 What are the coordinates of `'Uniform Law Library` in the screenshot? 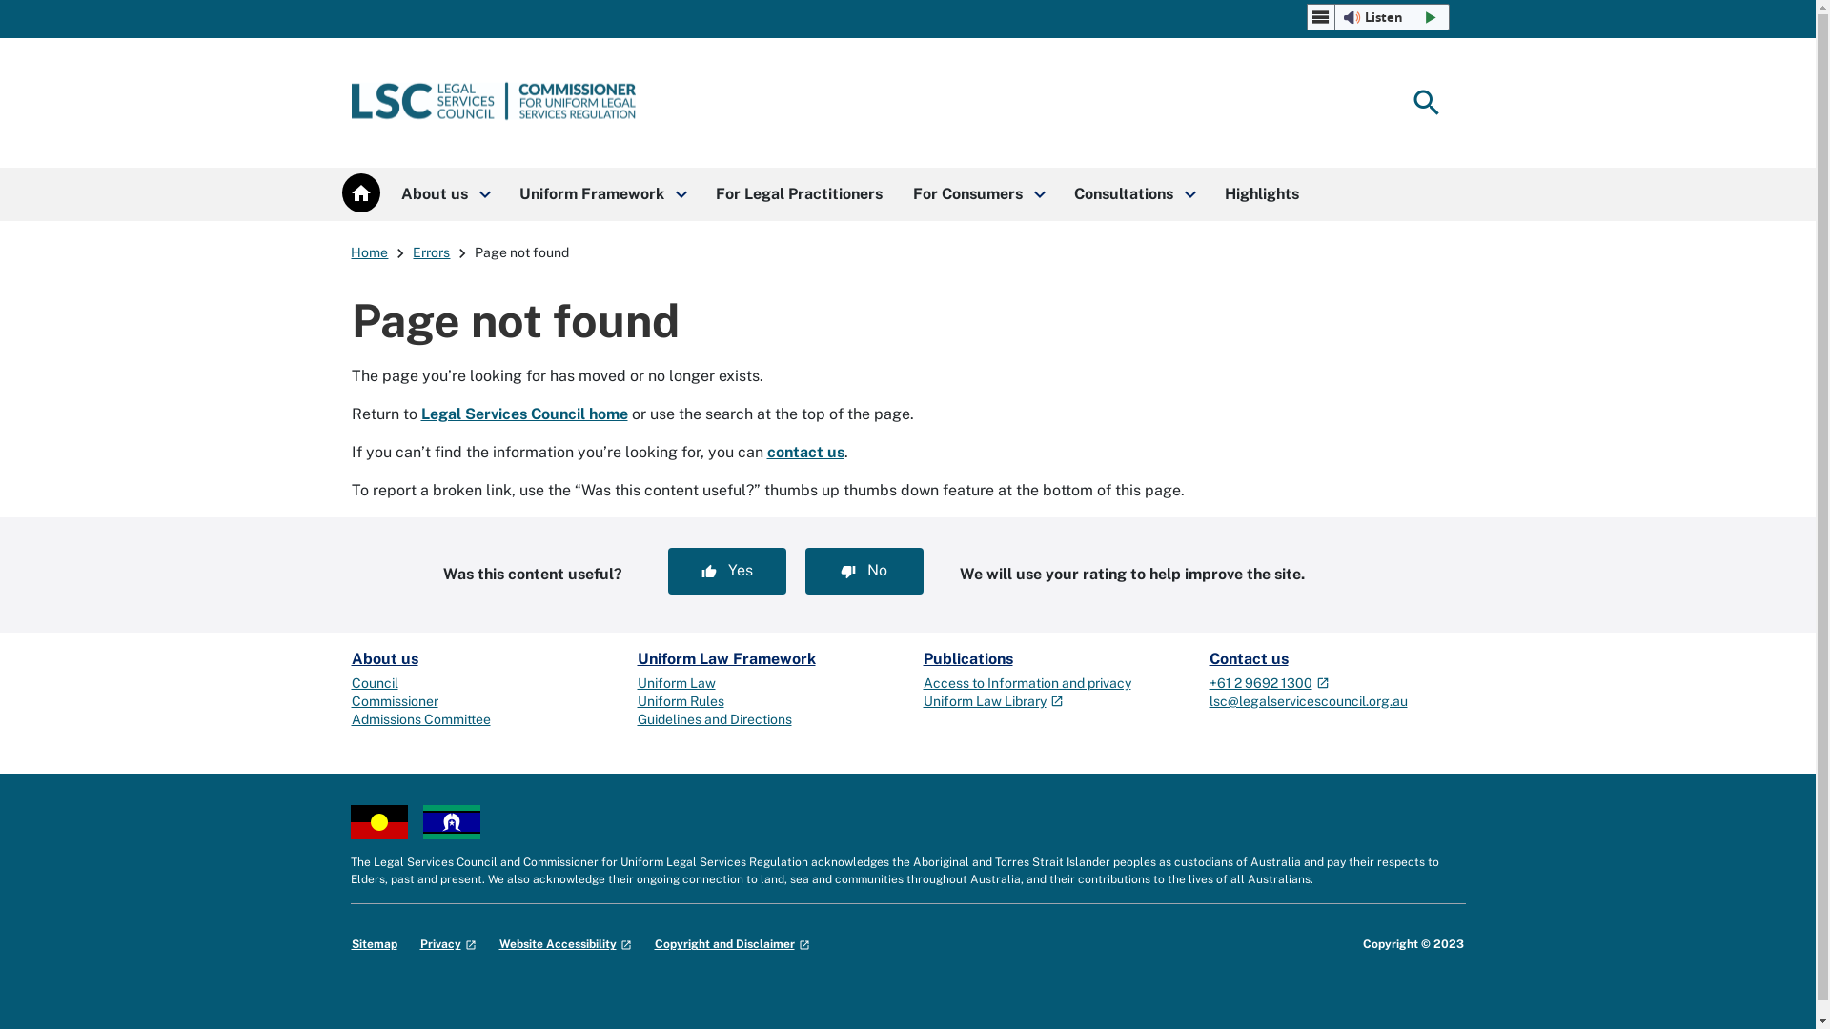 It's located at (991, 701).